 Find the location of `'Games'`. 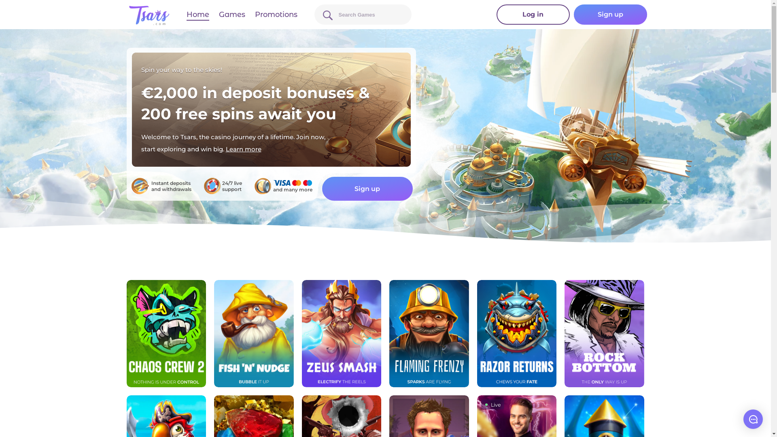

'Games' is located at coordinates (218, 14).